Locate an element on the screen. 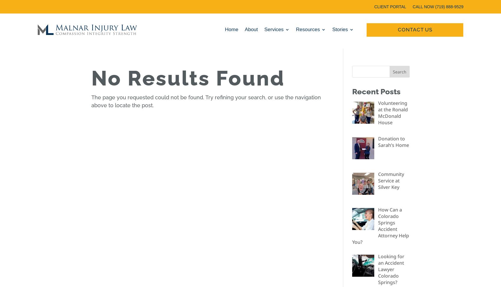 This screenshot has width=501, height=287. 'Home' is located at coordinates (231, 31).